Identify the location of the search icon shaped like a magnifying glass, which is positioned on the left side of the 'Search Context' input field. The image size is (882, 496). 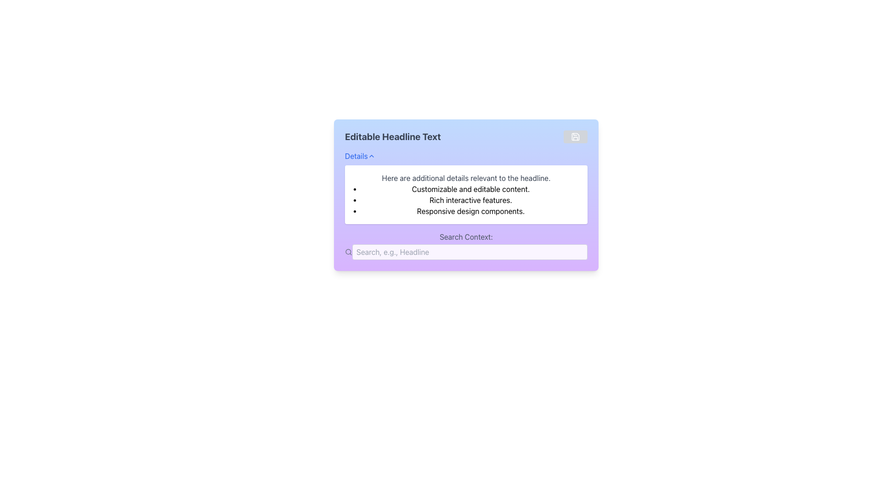
(348, 252).